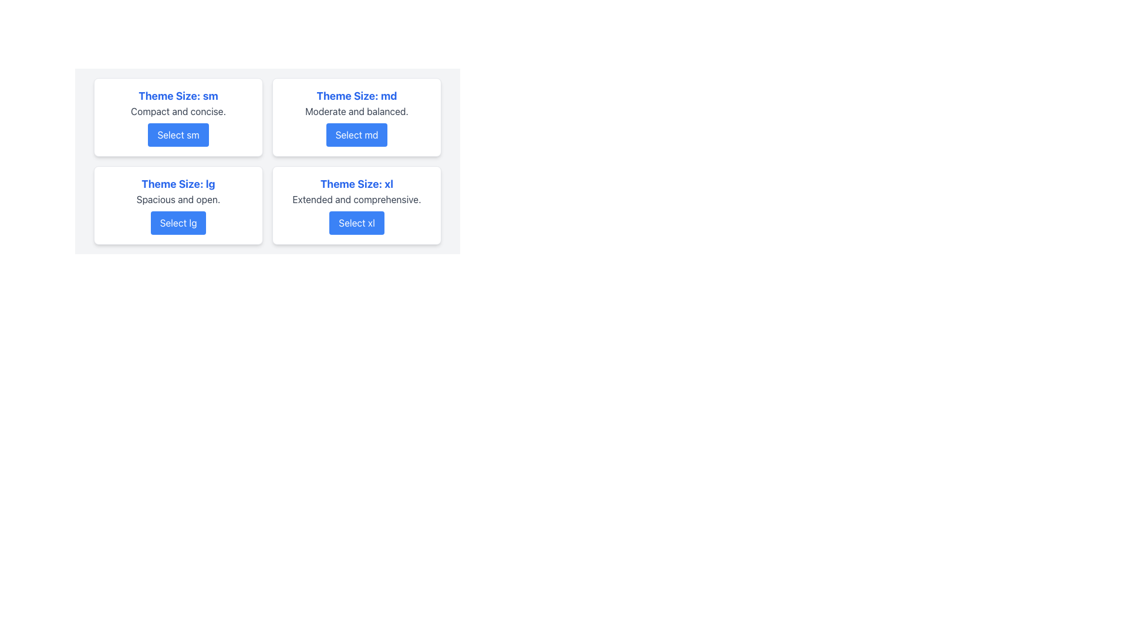 Image resolution: width=1127 pixels, height=634 pixels. Describe the element at coordinates (177, 134) in the screenshot. I see `the button labeled 'sm' in the top-left card of the grid to observe the color change` at that location.